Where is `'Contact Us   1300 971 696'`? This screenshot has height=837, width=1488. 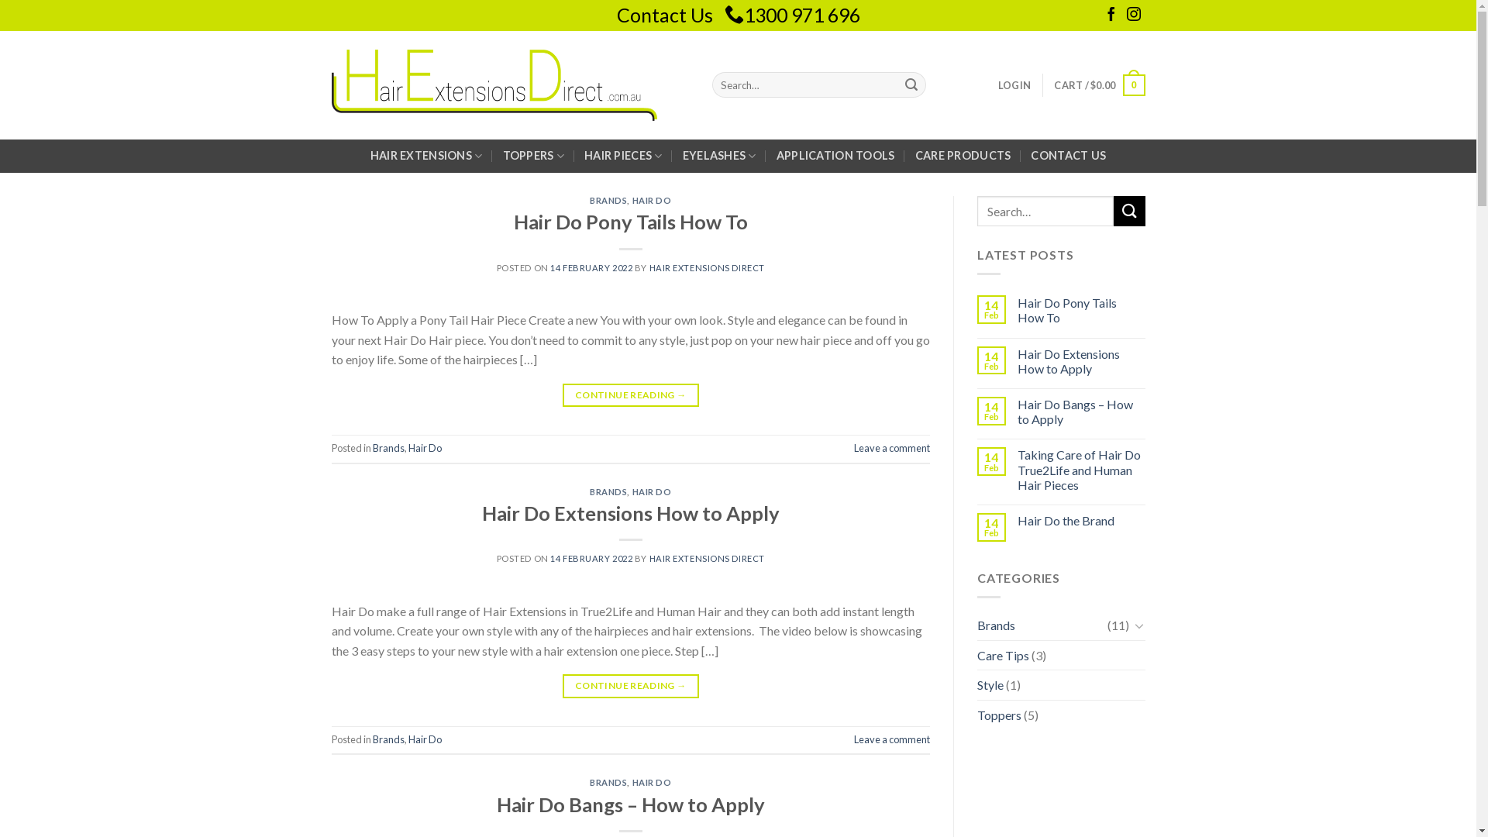
'Contact Us   1300 971 696' is located at coordinates (738, 15).